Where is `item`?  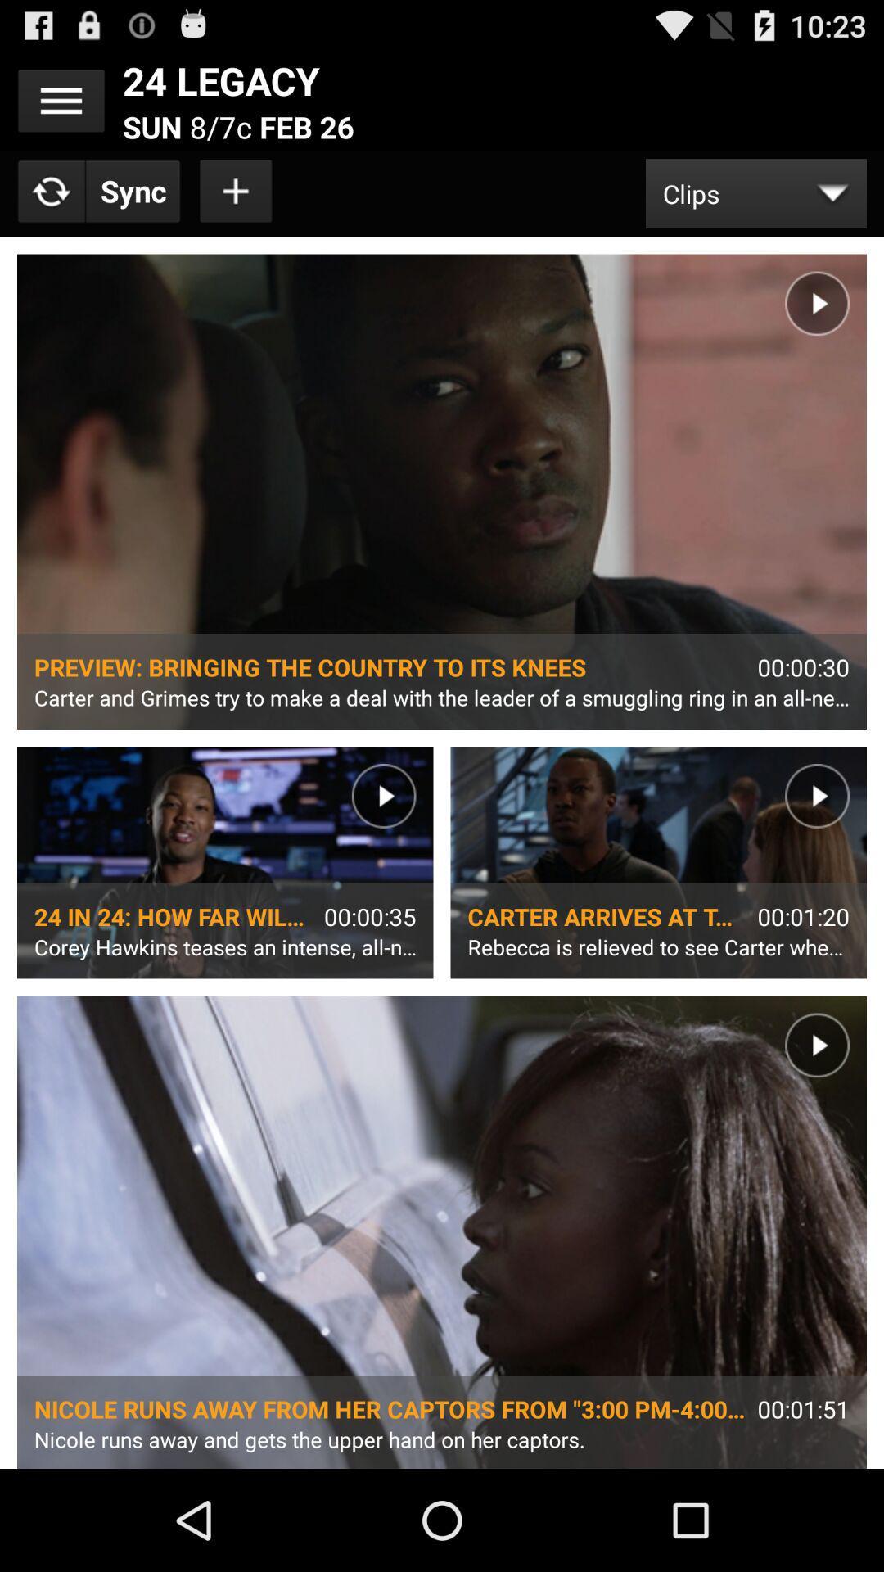
item is located at coordinates (237, 191).